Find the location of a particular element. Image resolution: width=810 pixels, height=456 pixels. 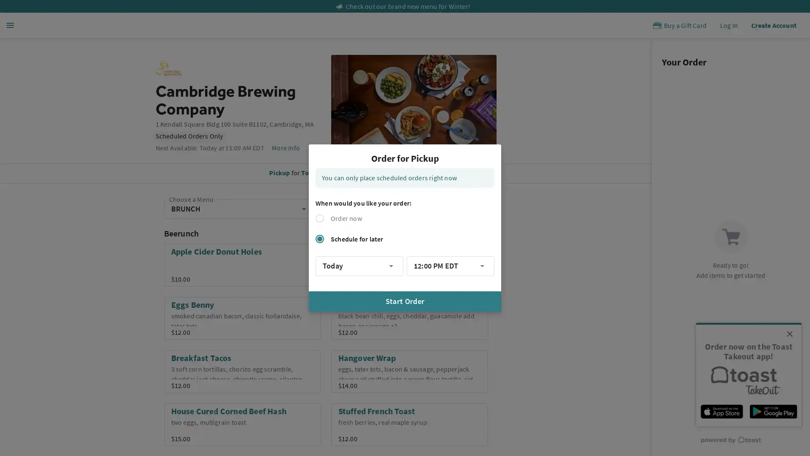

More Info is located at coordinates (285, 147).